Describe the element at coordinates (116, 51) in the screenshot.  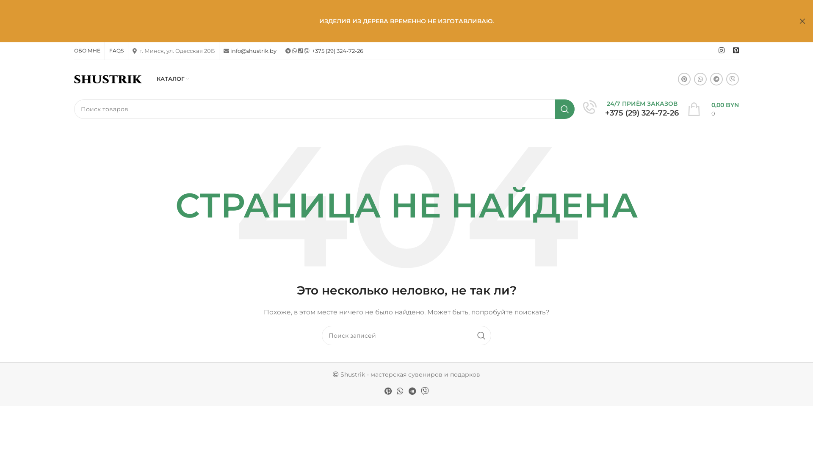
I see `'FAQS'` at that location.